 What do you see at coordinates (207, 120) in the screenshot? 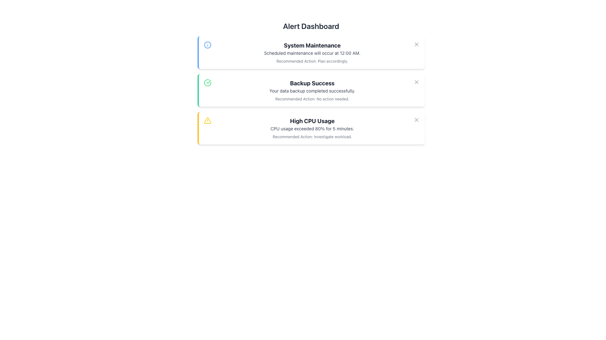
I see `the triangle-shaped yellow warning icon in the third panel of the alert dashboard, next to the 'High CPU Usage' message` at bounding box center [207, 120].